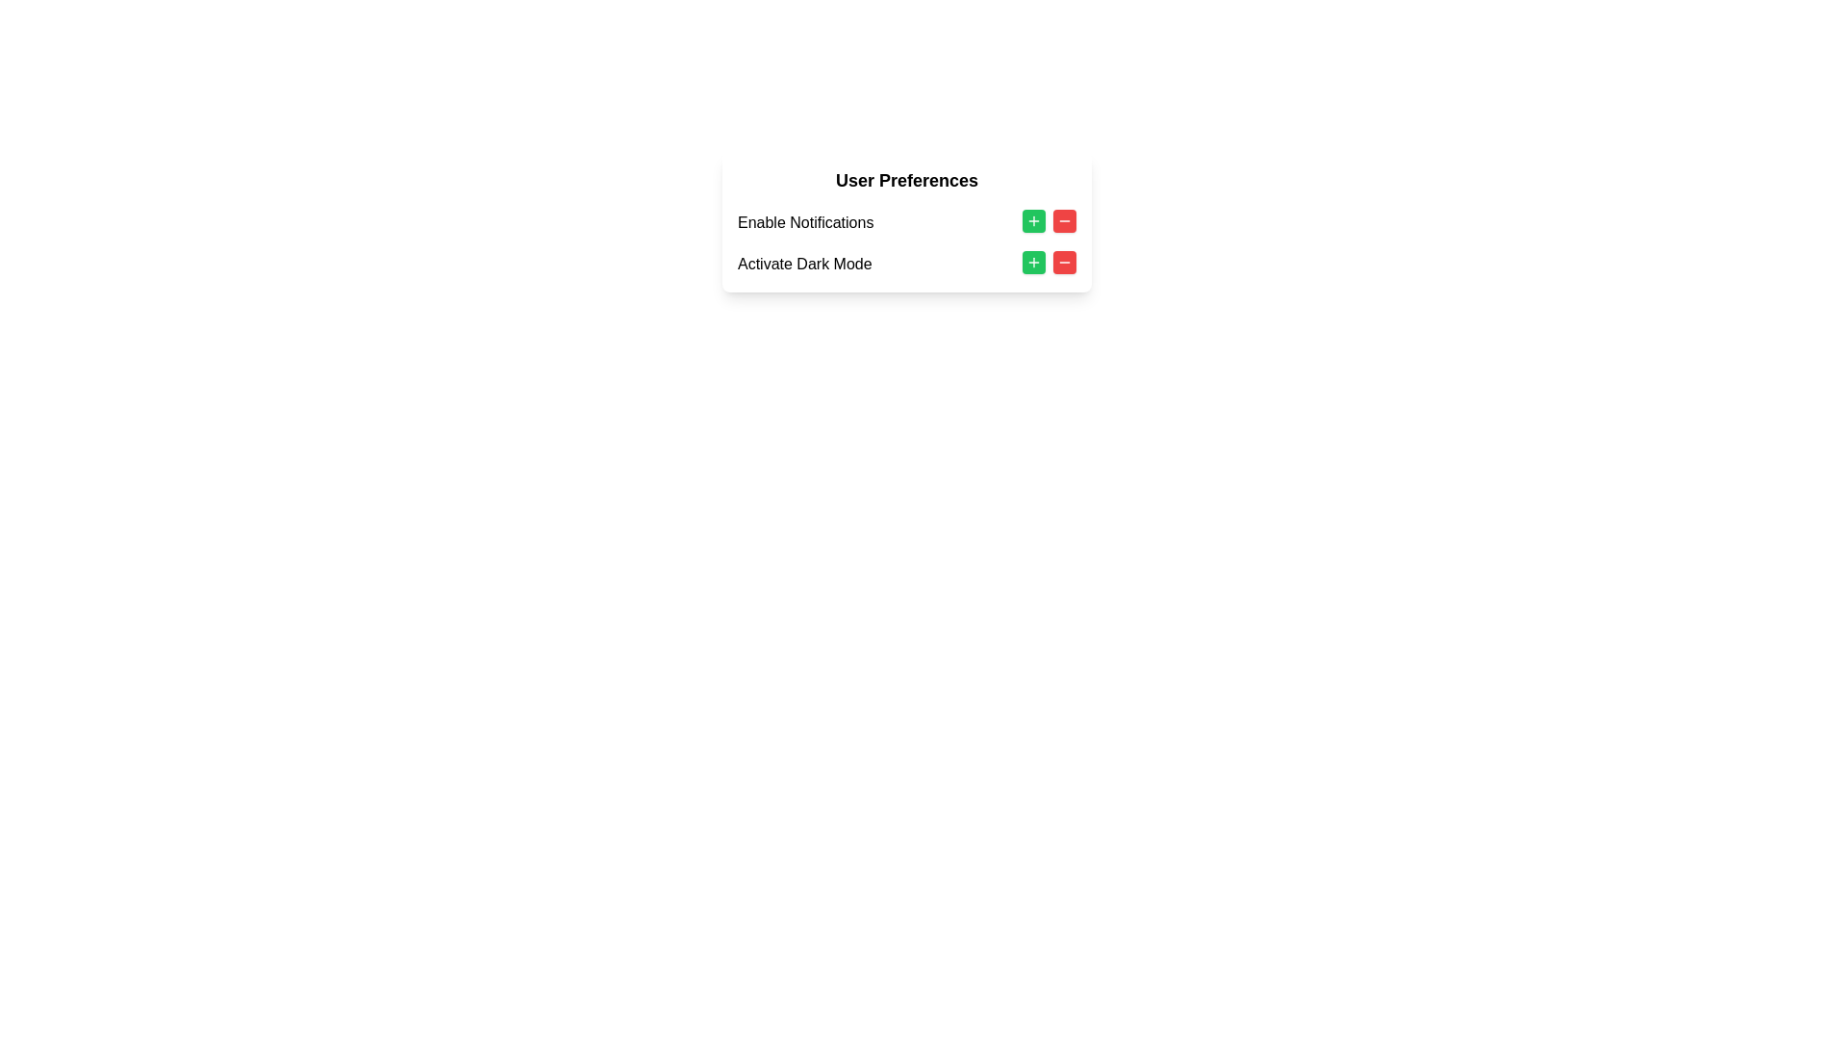  What do you see at coordinates (1048, 263) in the screenshot?
I see `the green button in the Control group located in the second row of the 'User Preferences' dialog, adjacent to the 'Activate Dark Mode' label, to increase a value` at bounding box center [1048, 263].